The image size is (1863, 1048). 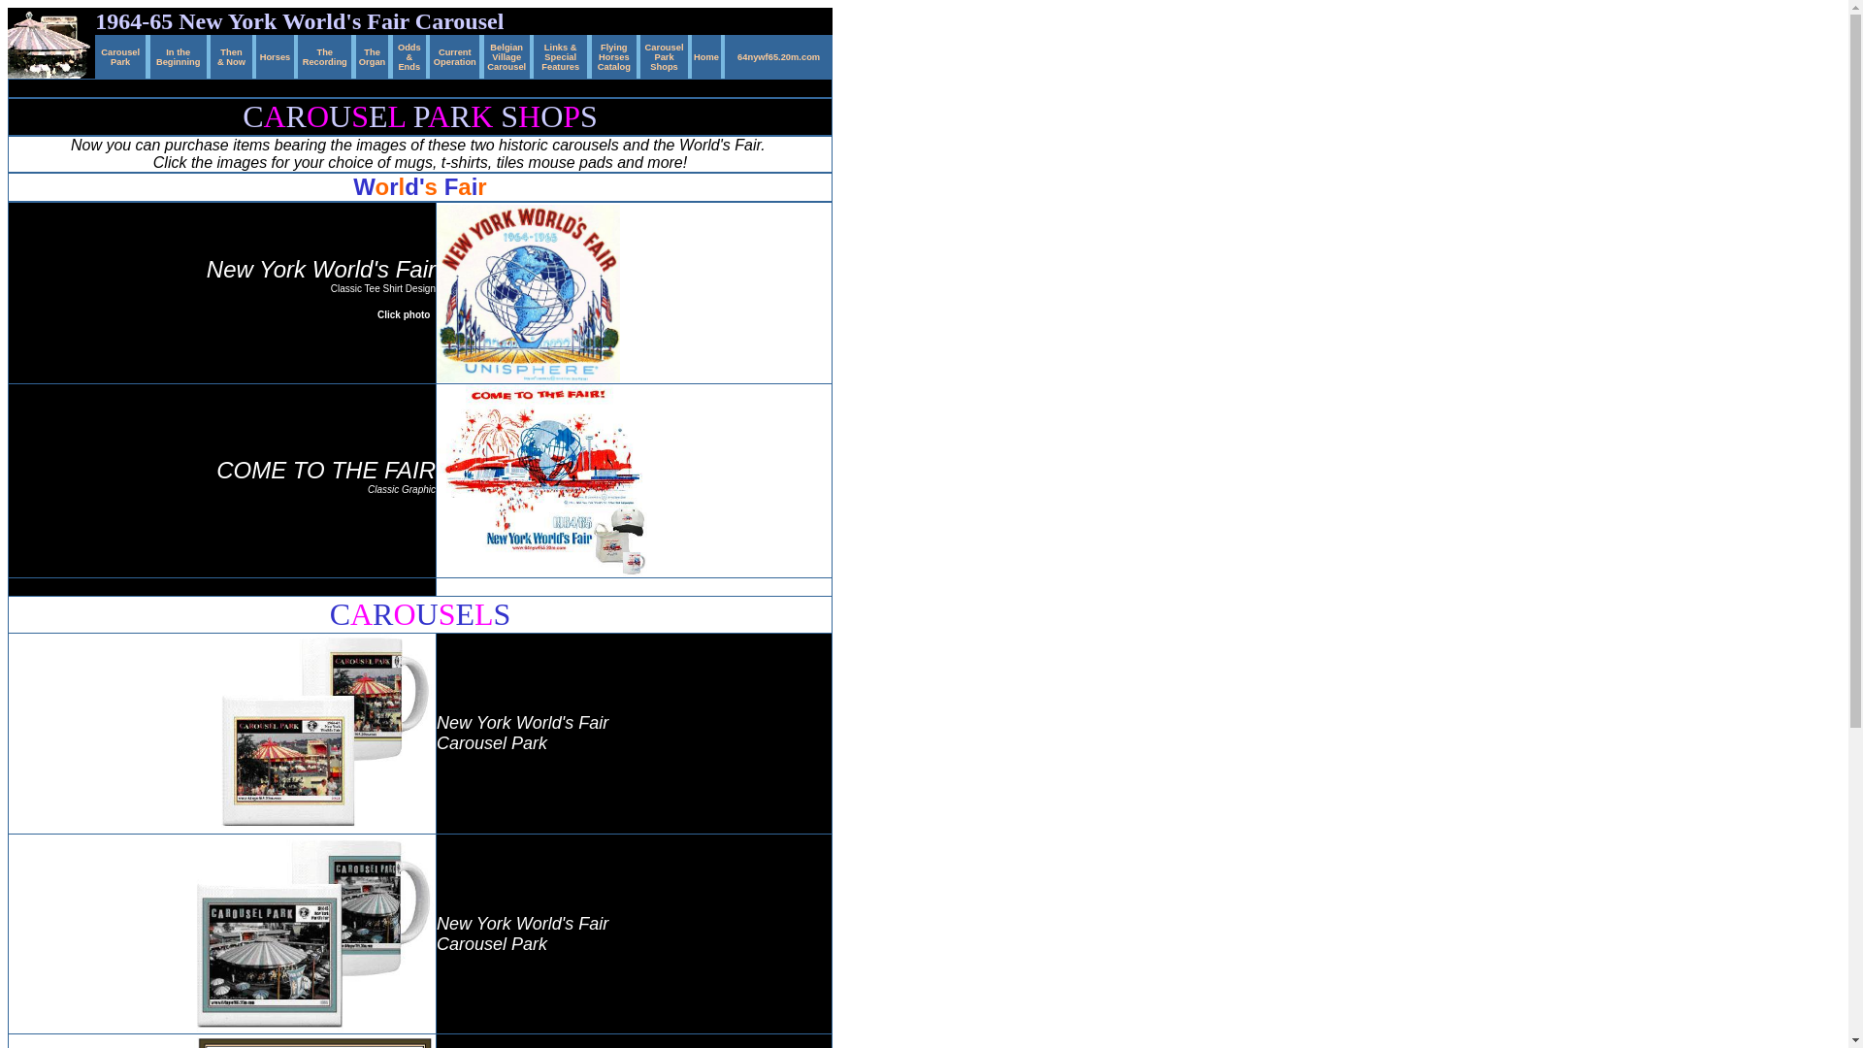 What do you see at coordinates (372, 53) in the screenshot?
I see `'The Organ'` at bounding box center [372, 53].